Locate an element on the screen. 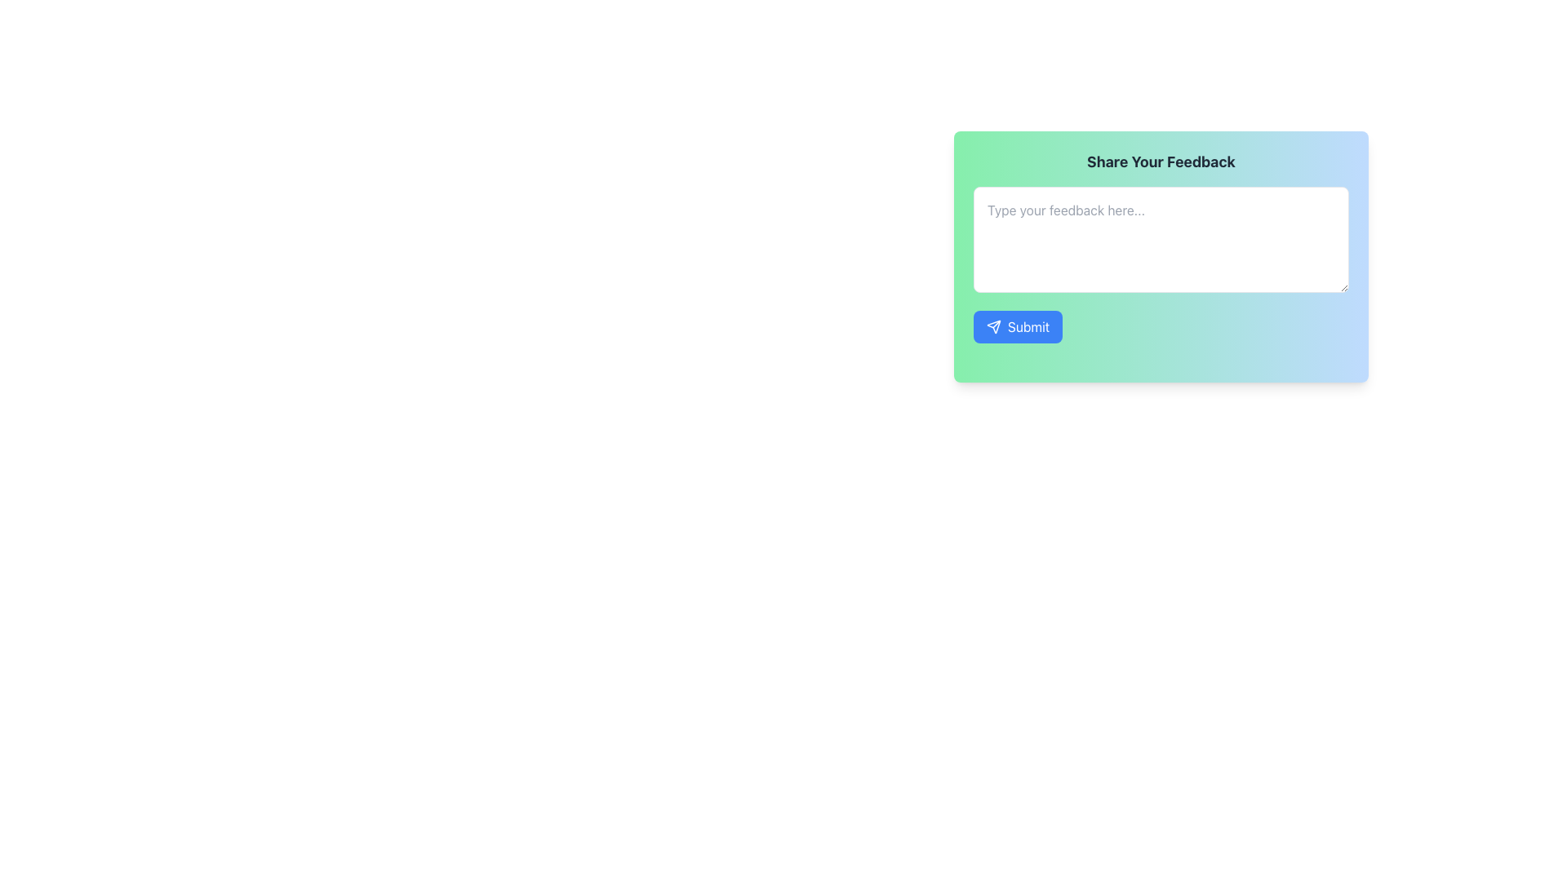 The height and width of the screenshot is (881, 1567). the 'Submit' button with a blue background and white text is located at coordinates (1017, 327).